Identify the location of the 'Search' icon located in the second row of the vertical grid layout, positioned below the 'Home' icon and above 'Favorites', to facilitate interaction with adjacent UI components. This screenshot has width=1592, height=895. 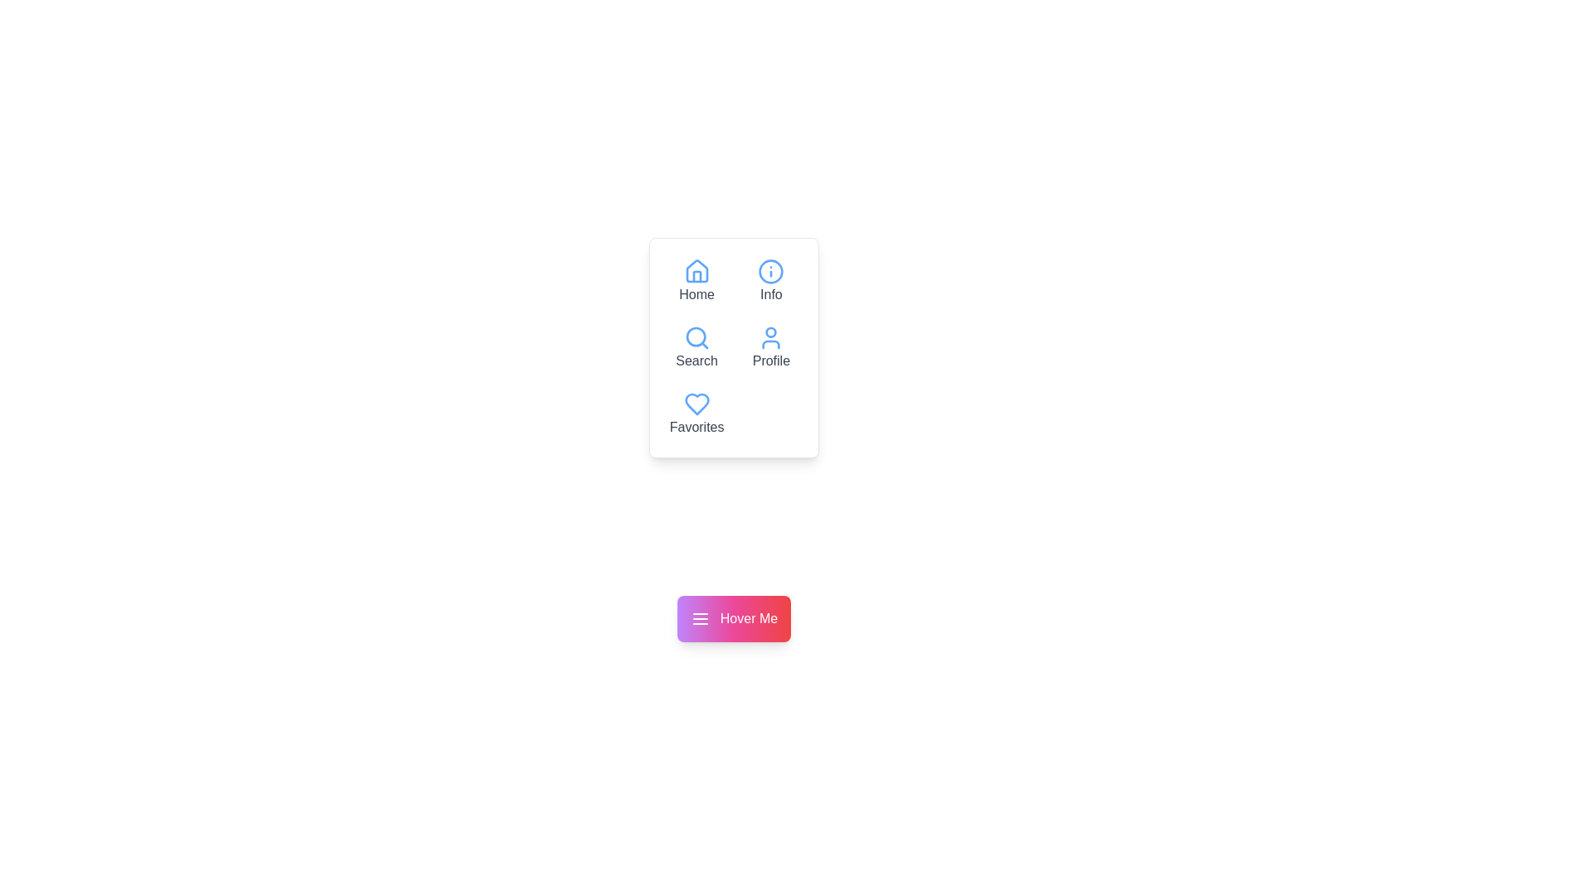
(696, 336).